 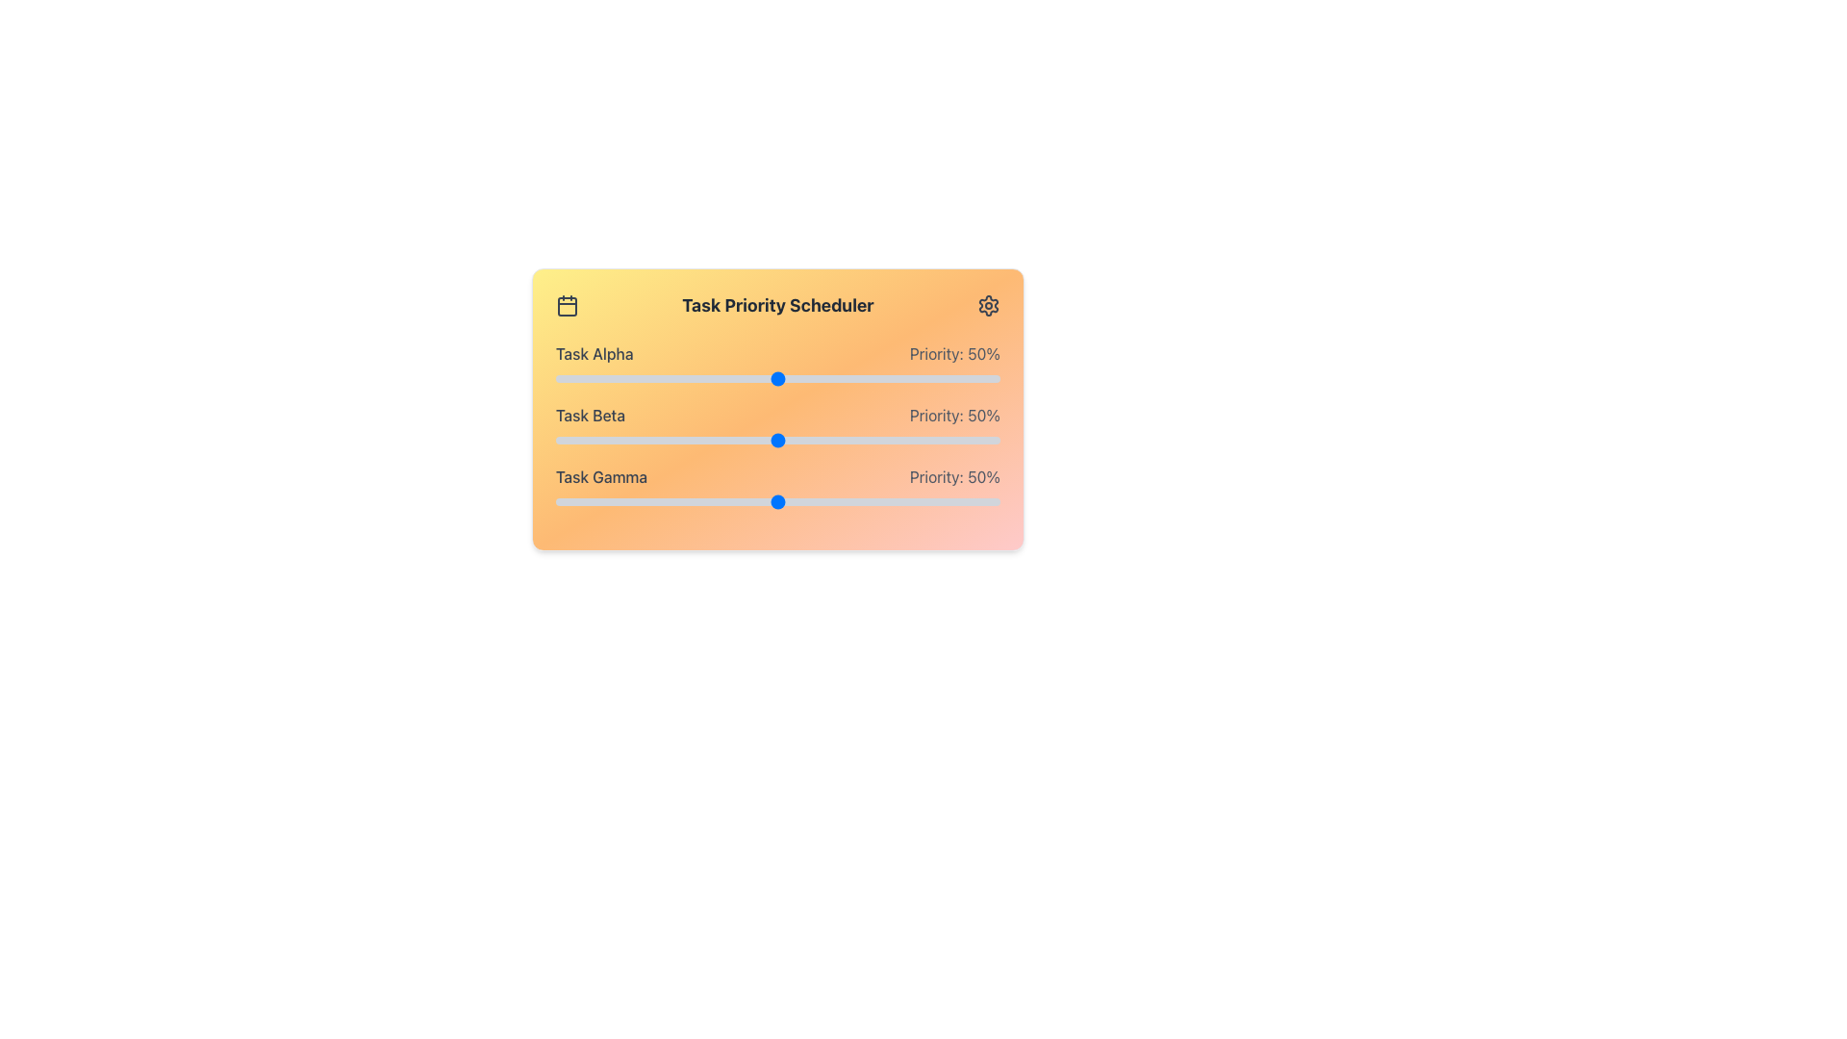 What do you see at coordinates (586, 378) in the screenshot?
I see `task priority` at bounding box center [586, 378].